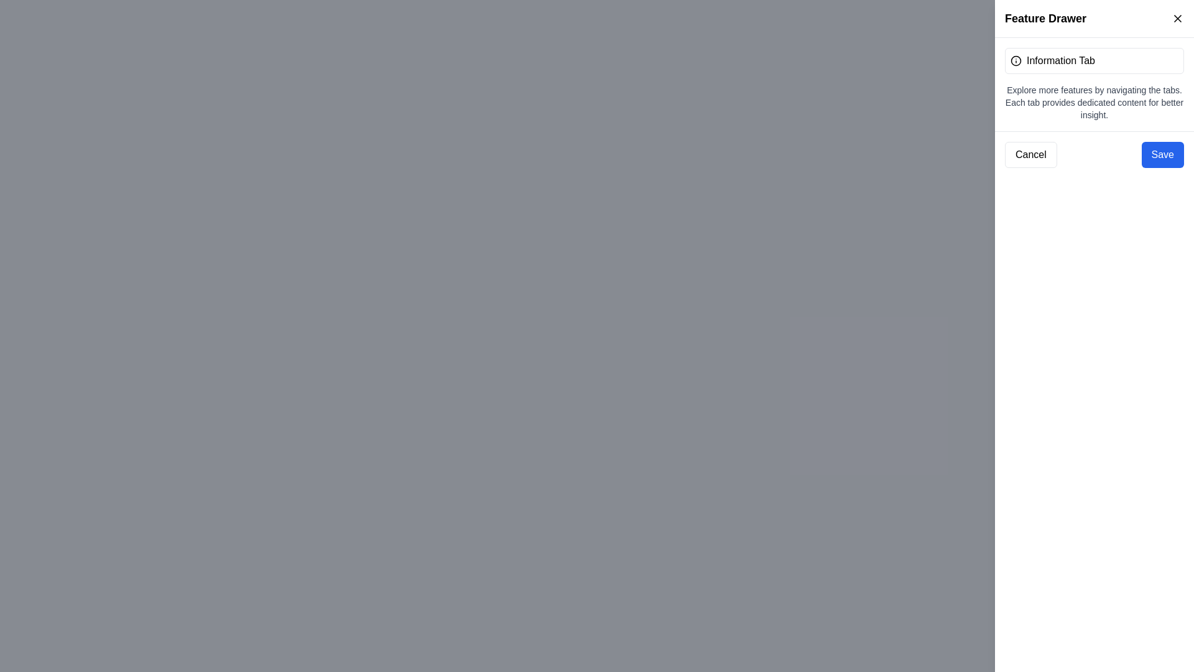 The height and width of the screenshot is (672, 1194). Describe the element at coordinates (1094, 60) in the screenshot. I see `the 'Information Tab' button located at the top of the drawer interface` at that location.